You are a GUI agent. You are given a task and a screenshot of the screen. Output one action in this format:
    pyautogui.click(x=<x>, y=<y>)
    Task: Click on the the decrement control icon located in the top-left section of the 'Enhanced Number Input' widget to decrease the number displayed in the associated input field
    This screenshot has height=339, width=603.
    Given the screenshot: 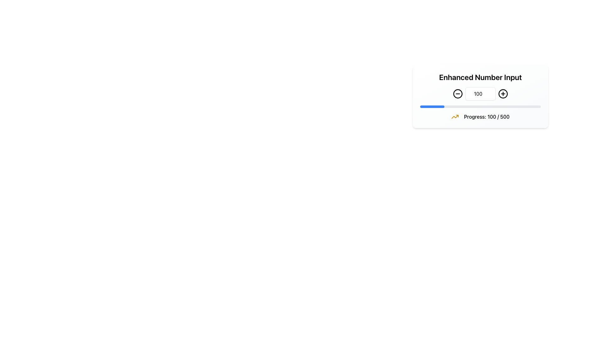 What is the action you would take?
    pyautogui.click(x=458, y=94)
    